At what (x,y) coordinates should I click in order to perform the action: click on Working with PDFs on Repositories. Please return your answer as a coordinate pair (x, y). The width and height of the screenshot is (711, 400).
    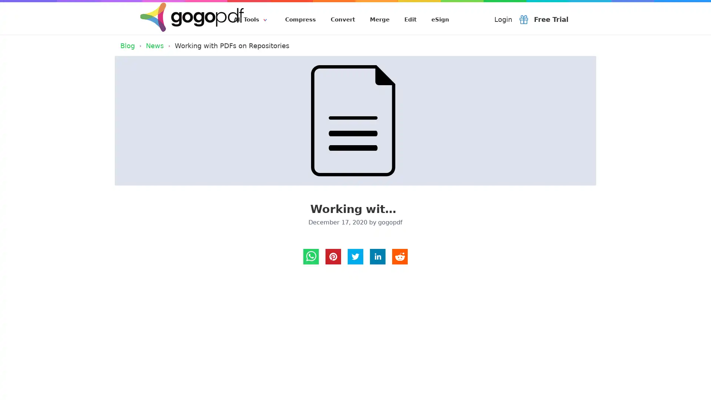
    Looking at the image, I should click on (355, 120).